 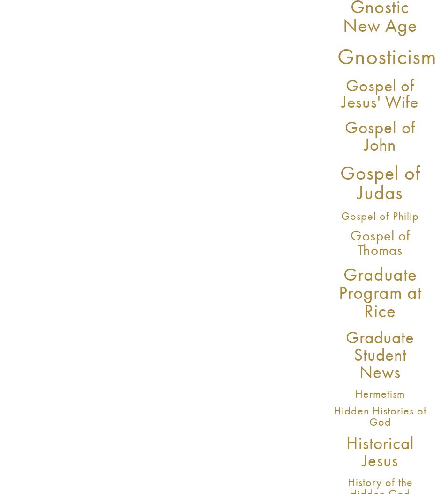 I want to click on 'Gnosticism', so click(x=386, y=55).